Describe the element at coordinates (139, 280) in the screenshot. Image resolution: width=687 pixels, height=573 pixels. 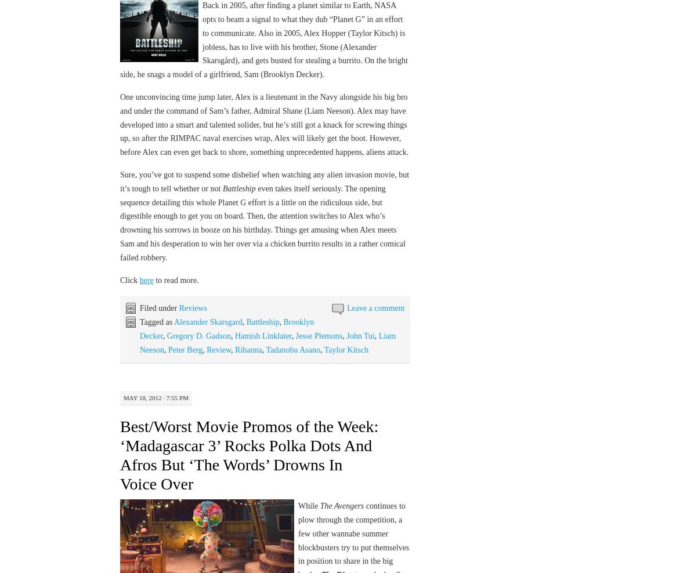
I see `'here'` at that location.